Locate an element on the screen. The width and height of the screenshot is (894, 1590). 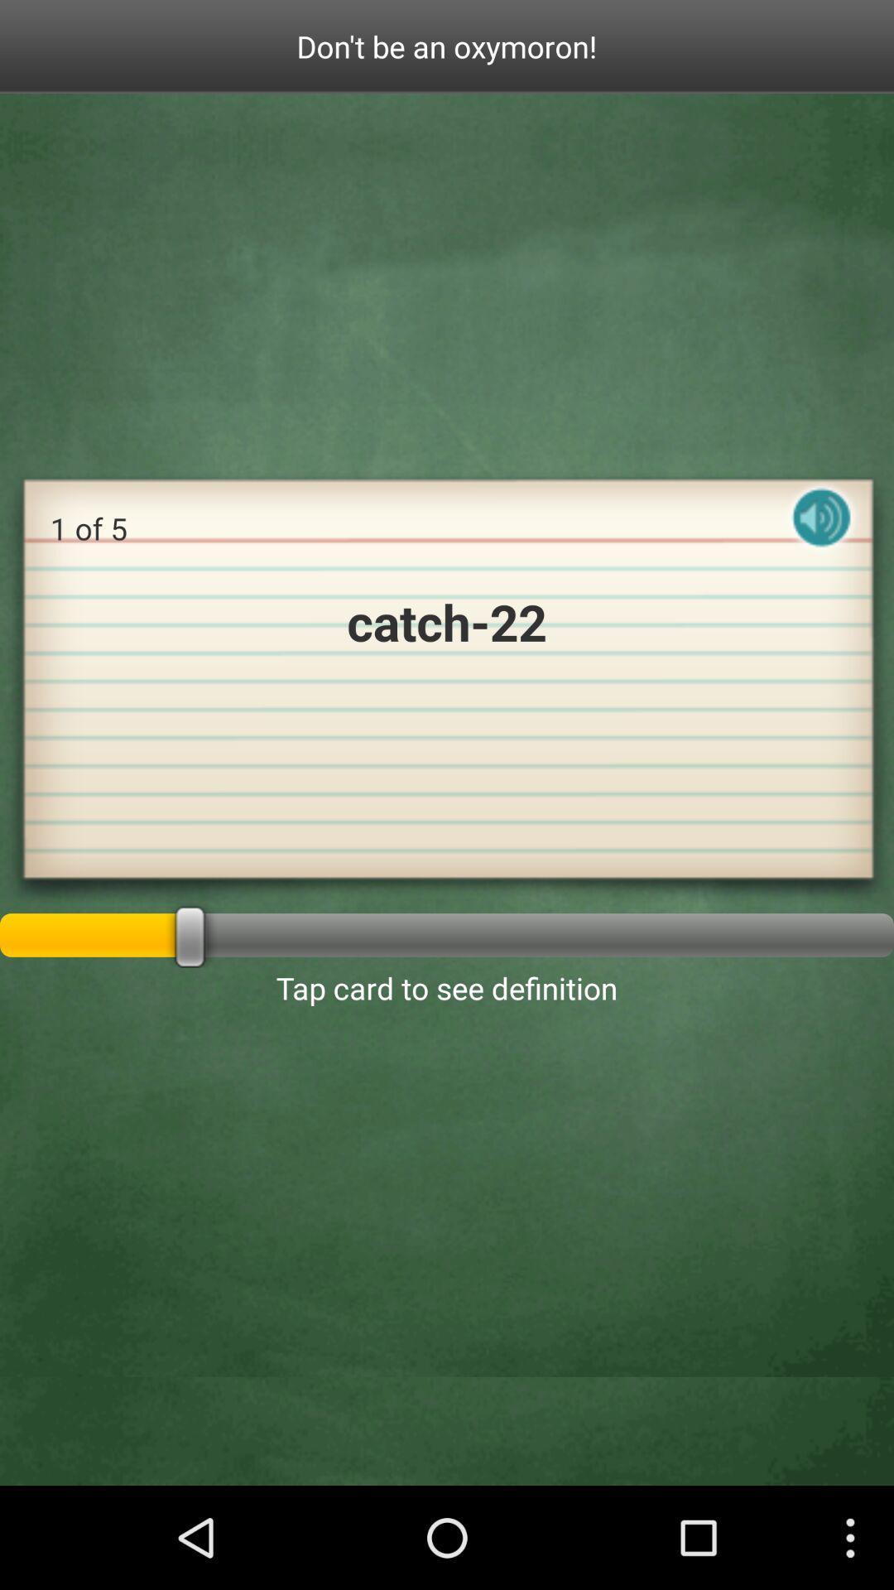
icon to the right of catch-22 item is located at coordinates (821, 532).